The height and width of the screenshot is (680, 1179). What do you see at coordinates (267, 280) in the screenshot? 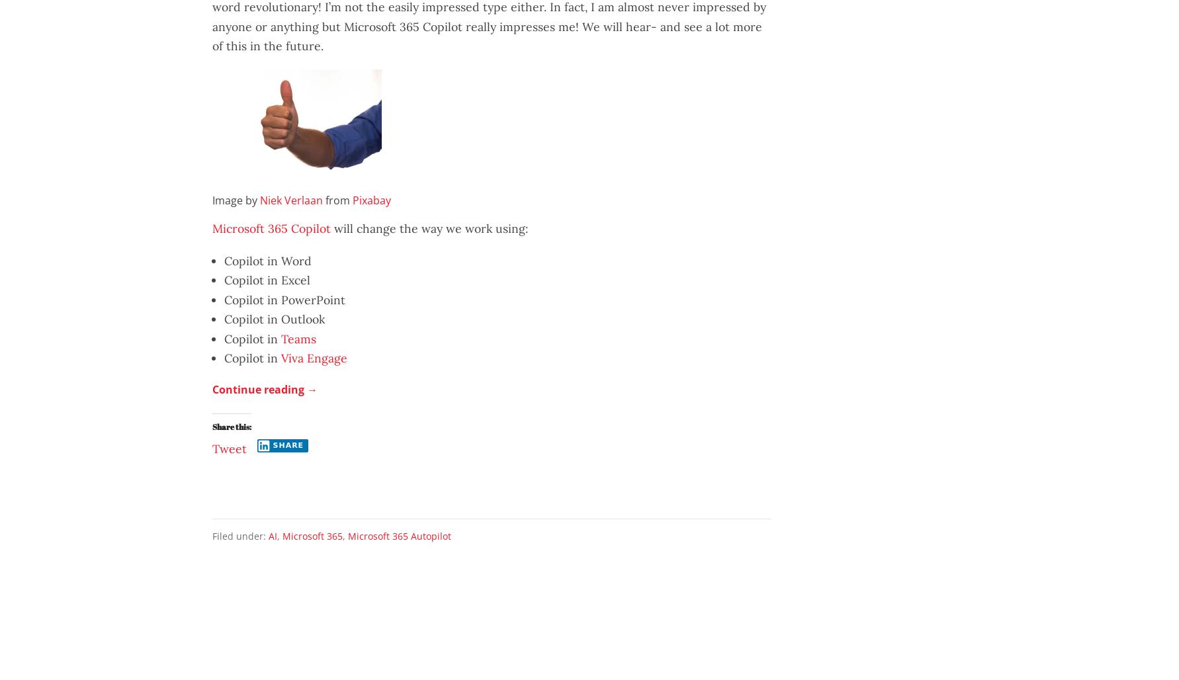
I see `'Copilot in Excel'` at bounding box center [267, 280].